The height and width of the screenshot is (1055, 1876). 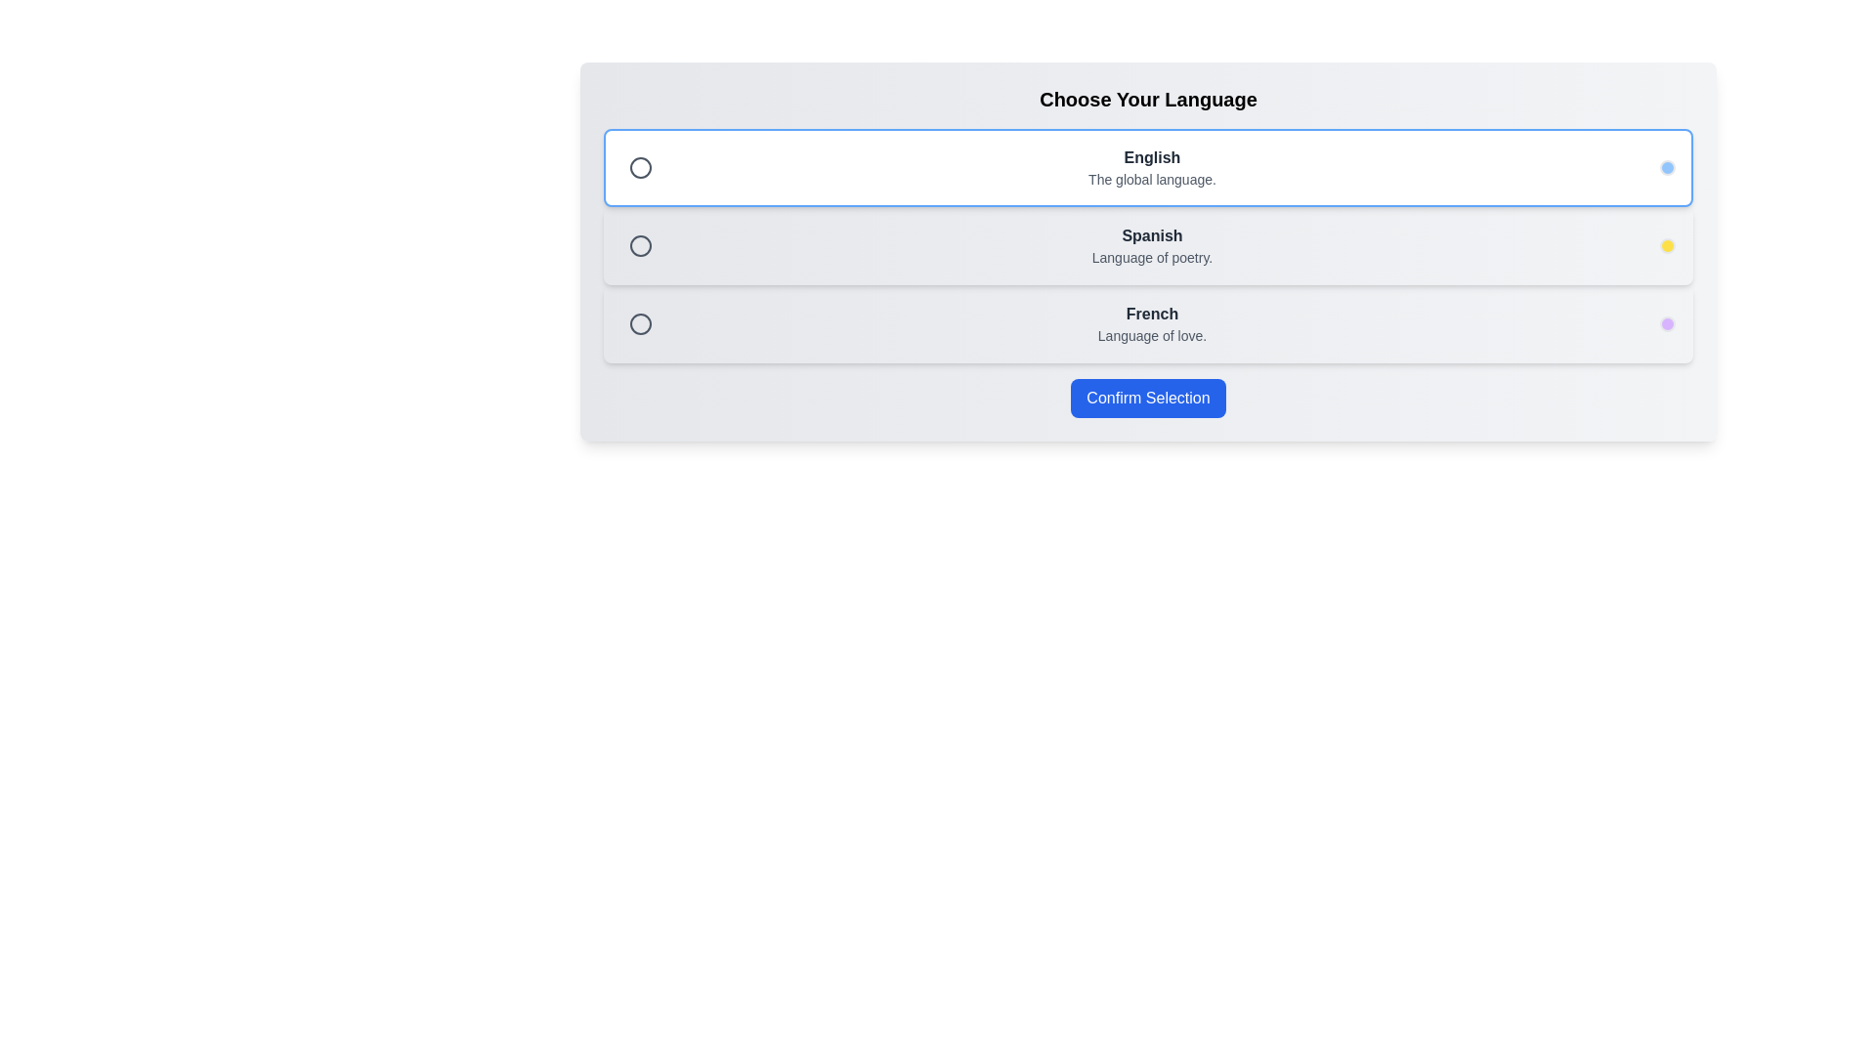 I want to click on the descriptive tagline element for the 'English' language option, which is located directly below the title 'English' in the language selection list, so click(x=1152, y=180).